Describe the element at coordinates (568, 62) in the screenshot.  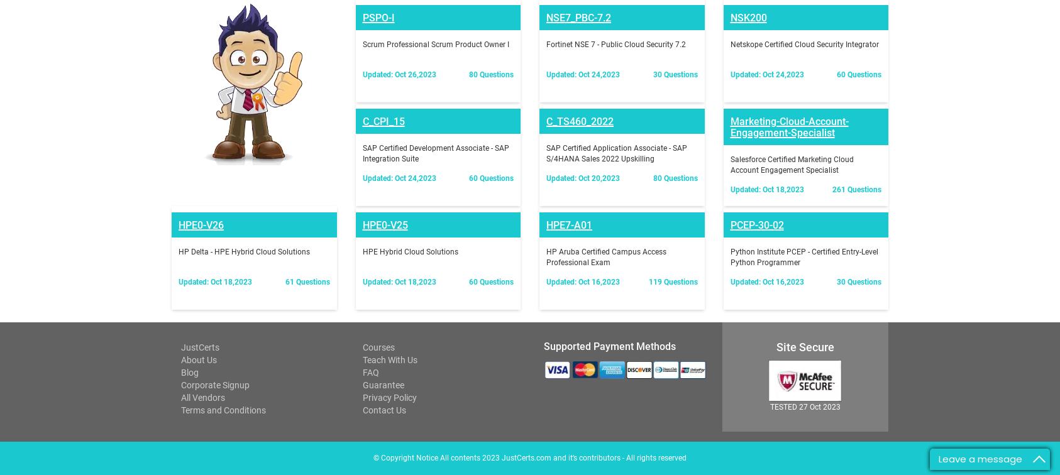
I see `'HPE7-A01'` at that location.